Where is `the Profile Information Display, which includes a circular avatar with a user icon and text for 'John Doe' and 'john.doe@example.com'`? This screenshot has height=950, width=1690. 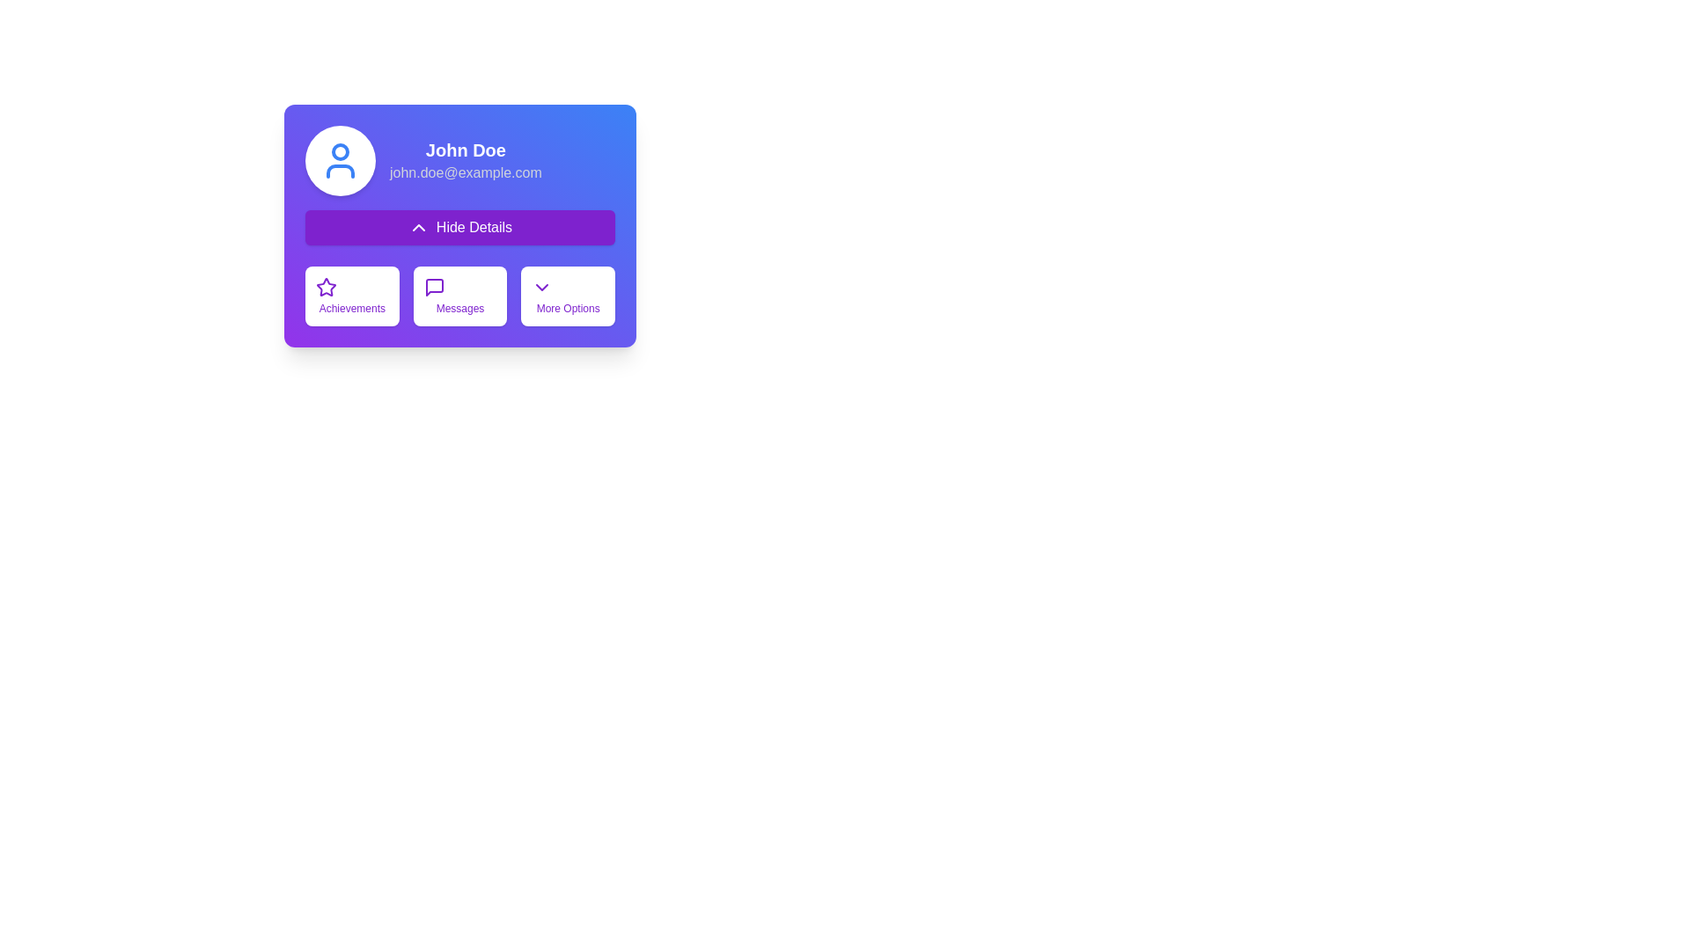 the Profile Information Display, which includes a circular avatar with a user icon and text for 'John Doe' and 'john.doe@example.com' is located at coordinates (460, 160).